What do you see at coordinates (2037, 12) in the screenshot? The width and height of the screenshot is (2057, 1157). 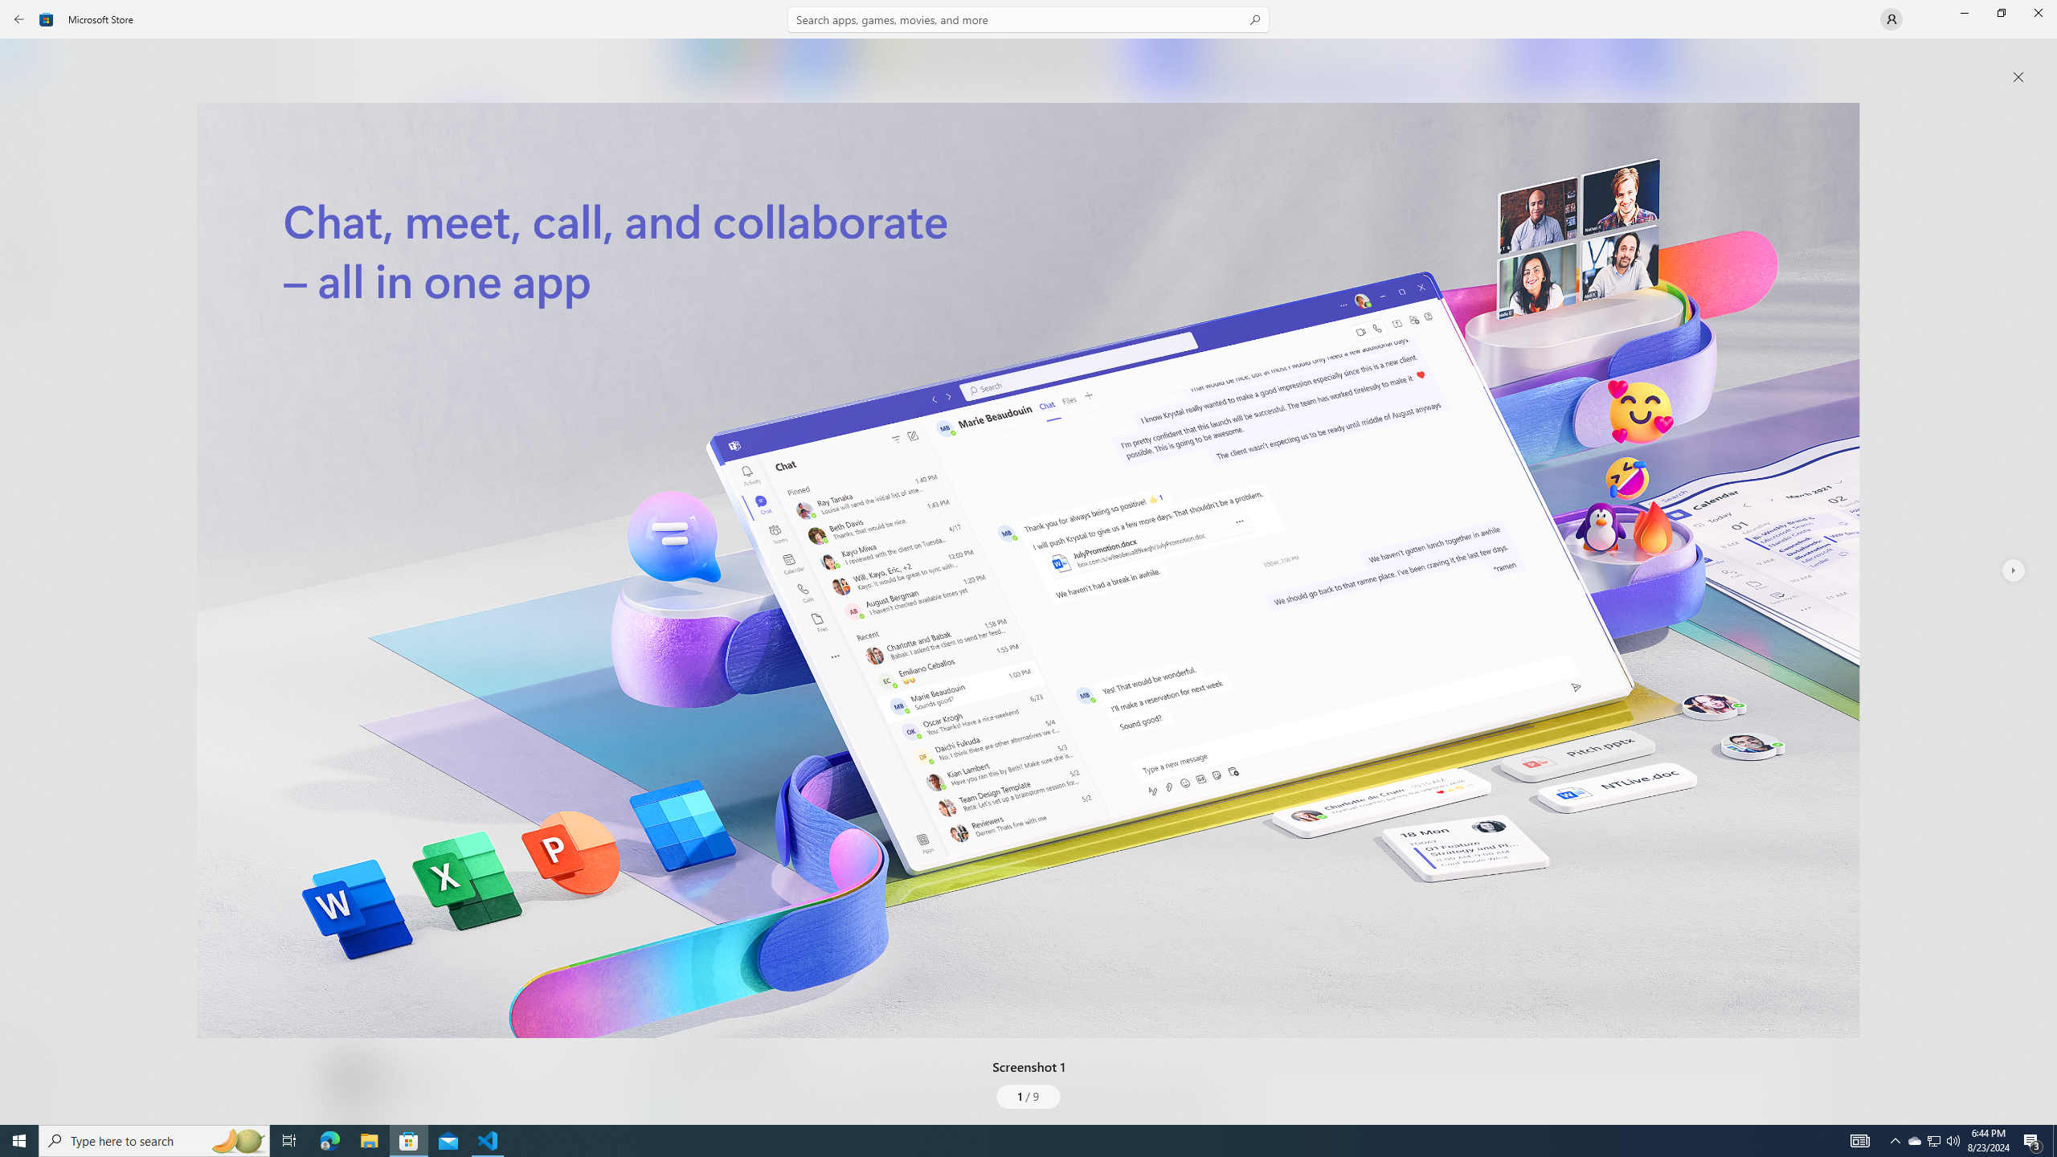 I see `'Close Microsoft Store'` at bounding box center [2037, 12].